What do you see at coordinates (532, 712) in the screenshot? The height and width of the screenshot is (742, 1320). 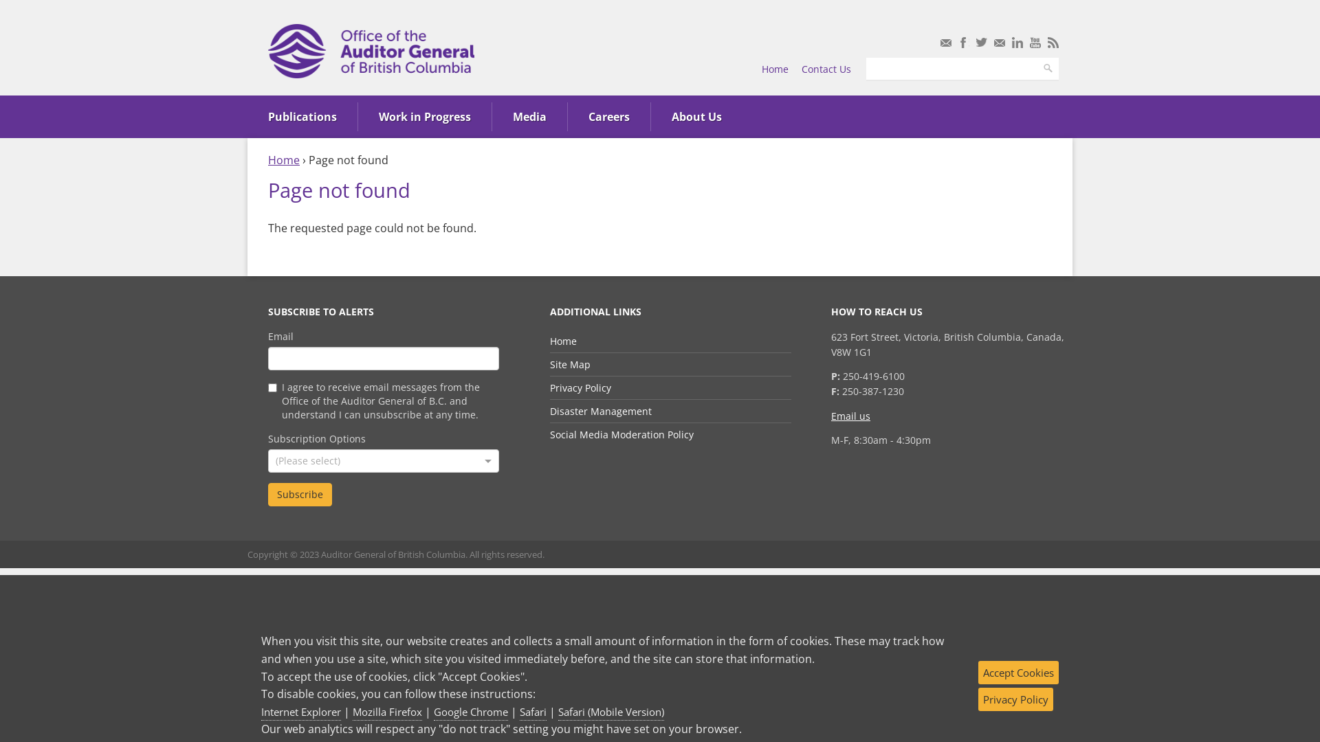 I see `'Safari'` at bounding box center [532, 712].